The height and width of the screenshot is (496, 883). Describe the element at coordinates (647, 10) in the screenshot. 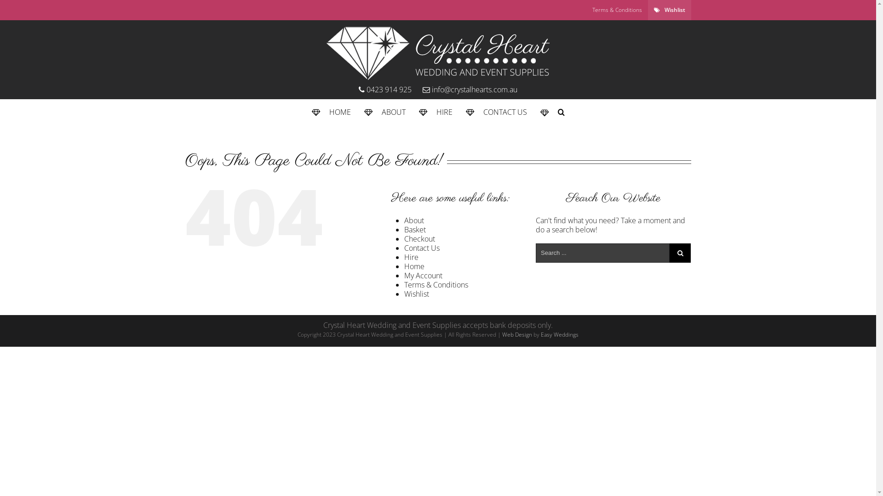

I see `'Wishlist'` at that location.